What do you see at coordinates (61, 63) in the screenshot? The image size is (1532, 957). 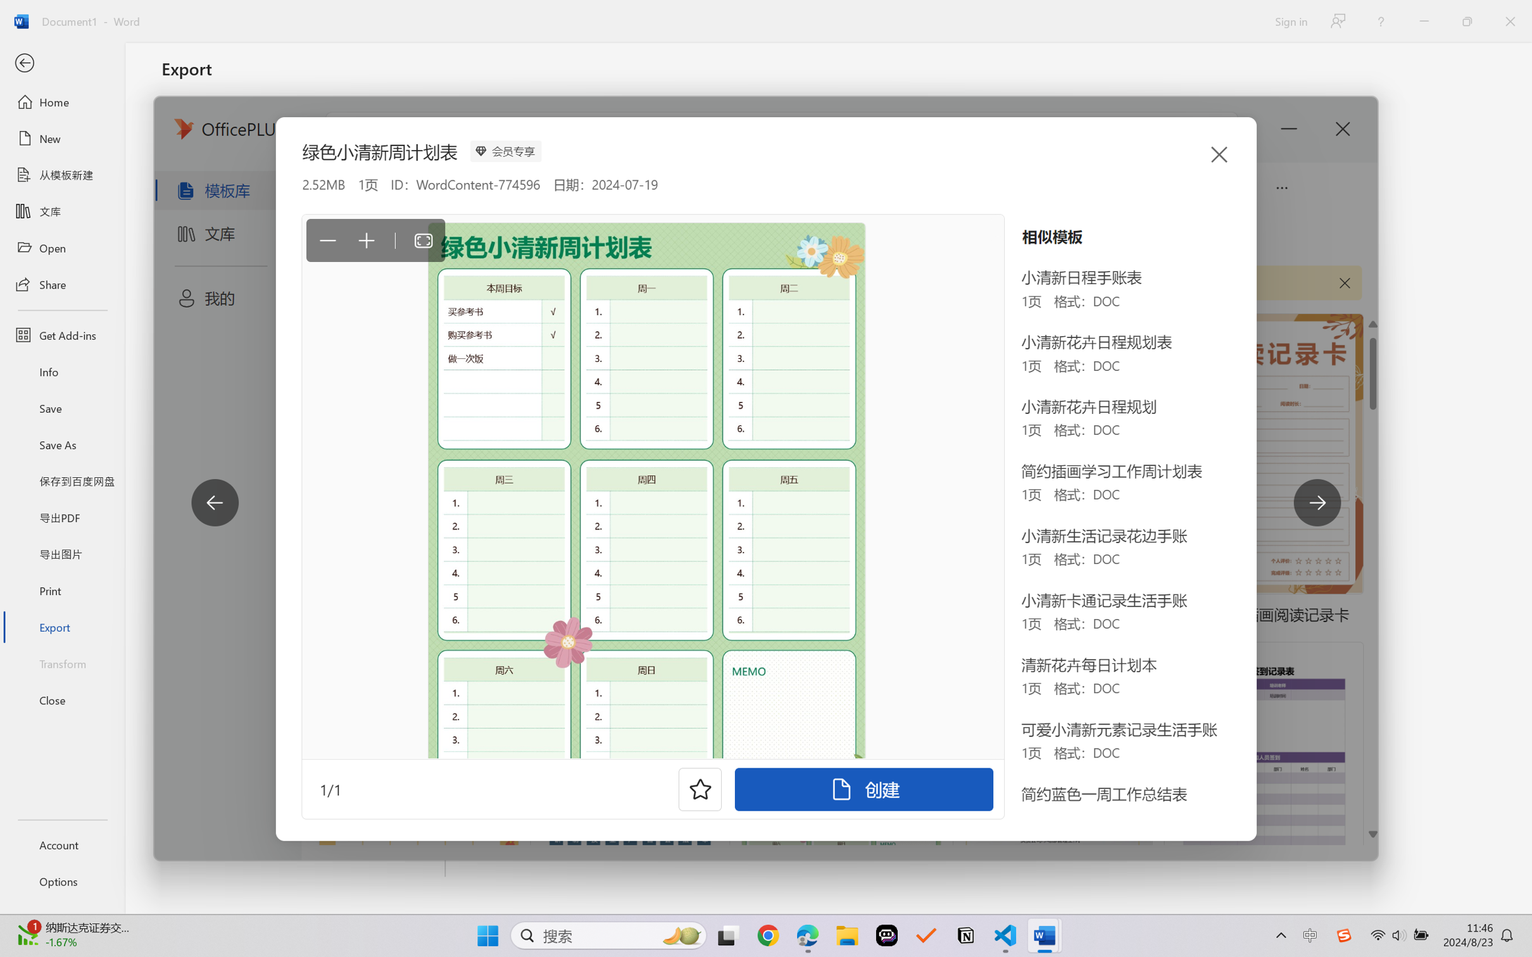 I see `'Back'` at bounding box center [61, 63].